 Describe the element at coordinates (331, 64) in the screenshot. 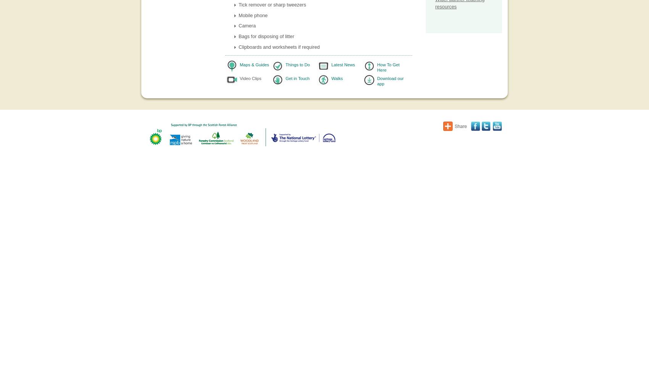

I see `'Latest News'` at that location.